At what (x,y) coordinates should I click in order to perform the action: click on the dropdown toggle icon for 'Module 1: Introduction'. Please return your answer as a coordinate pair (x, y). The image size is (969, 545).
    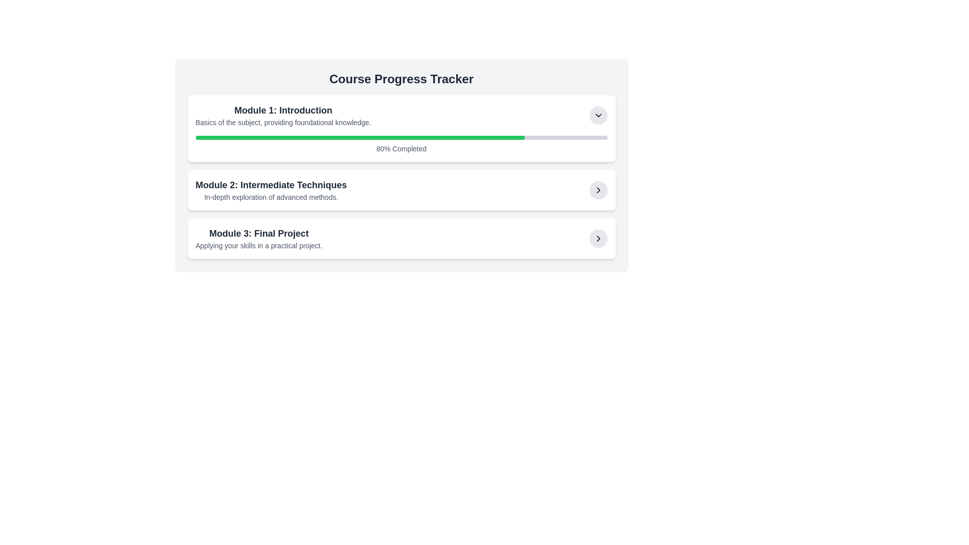
    Looking at the image, I should click on (598, 115).